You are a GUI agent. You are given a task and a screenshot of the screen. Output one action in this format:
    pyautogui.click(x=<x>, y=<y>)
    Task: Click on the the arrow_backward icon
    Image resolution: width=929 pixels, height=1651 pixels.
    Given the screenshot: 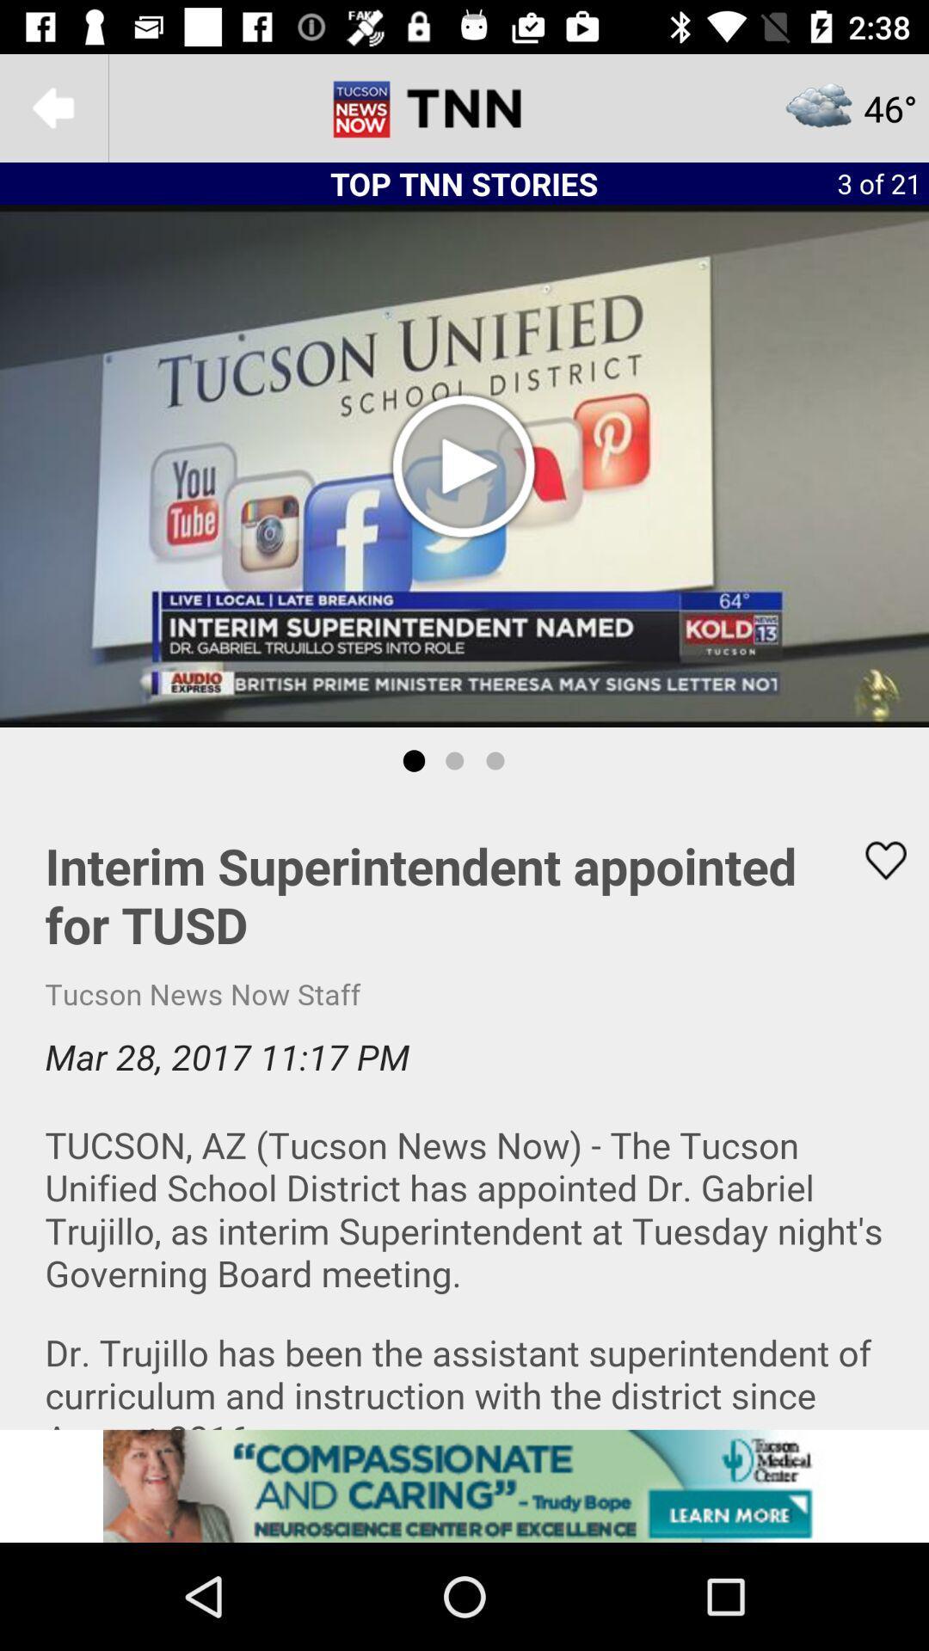 What is the action you would take?
    pyautogui.click(x=52, y=107)
    